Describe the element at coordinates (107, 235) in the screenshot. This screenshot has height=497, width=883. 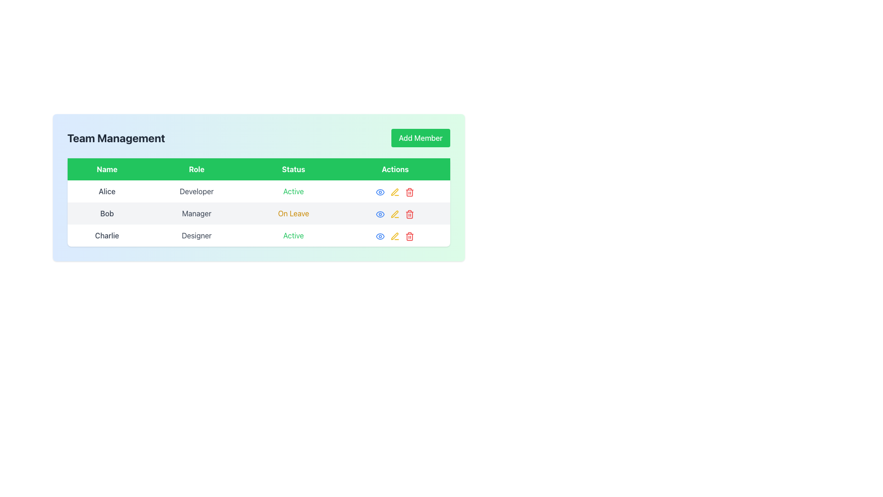
I see `text of the label displaying the name 'Charlie' in the user management UI, located in the third row of the table under the 'Name' column` at that location.